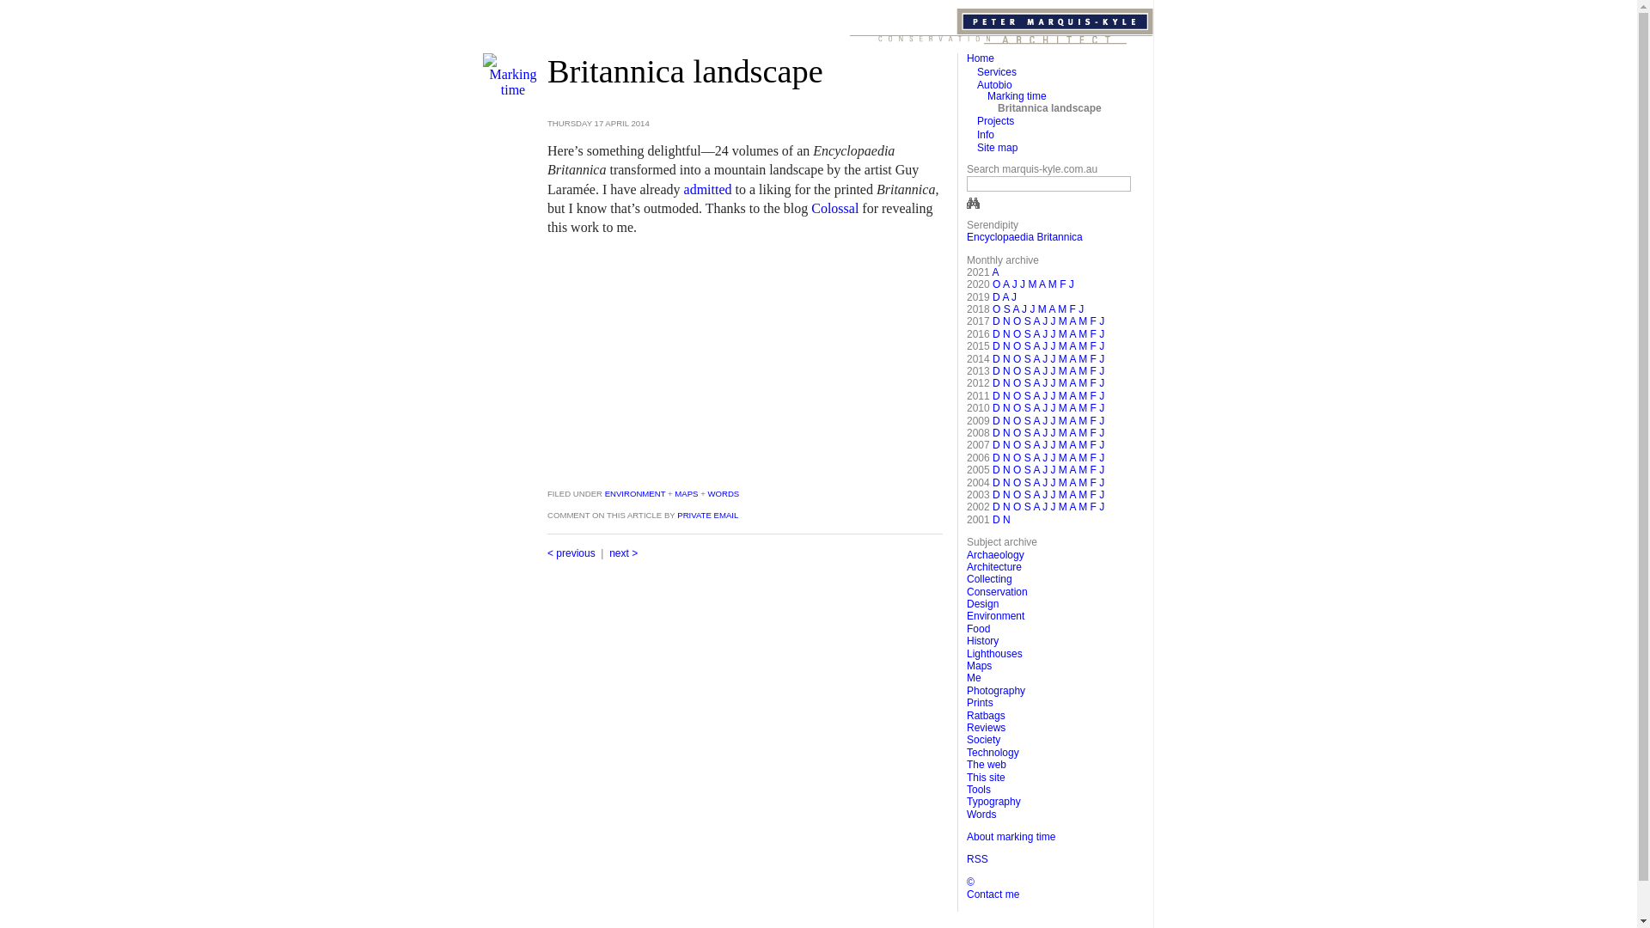 This screenshot has height=928, width=1650. Describe the element at coordinates (986, 134) in the screenshot. I see `'Info'` at that location.